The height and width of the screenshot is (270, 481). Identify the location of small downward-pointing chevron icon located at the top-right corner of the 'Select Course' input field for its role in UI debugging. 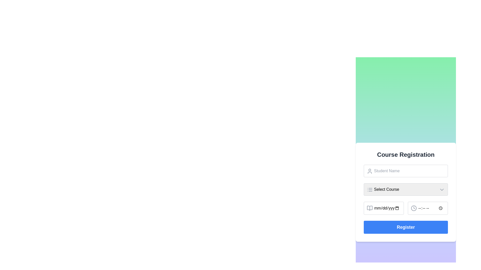
(442, 190).